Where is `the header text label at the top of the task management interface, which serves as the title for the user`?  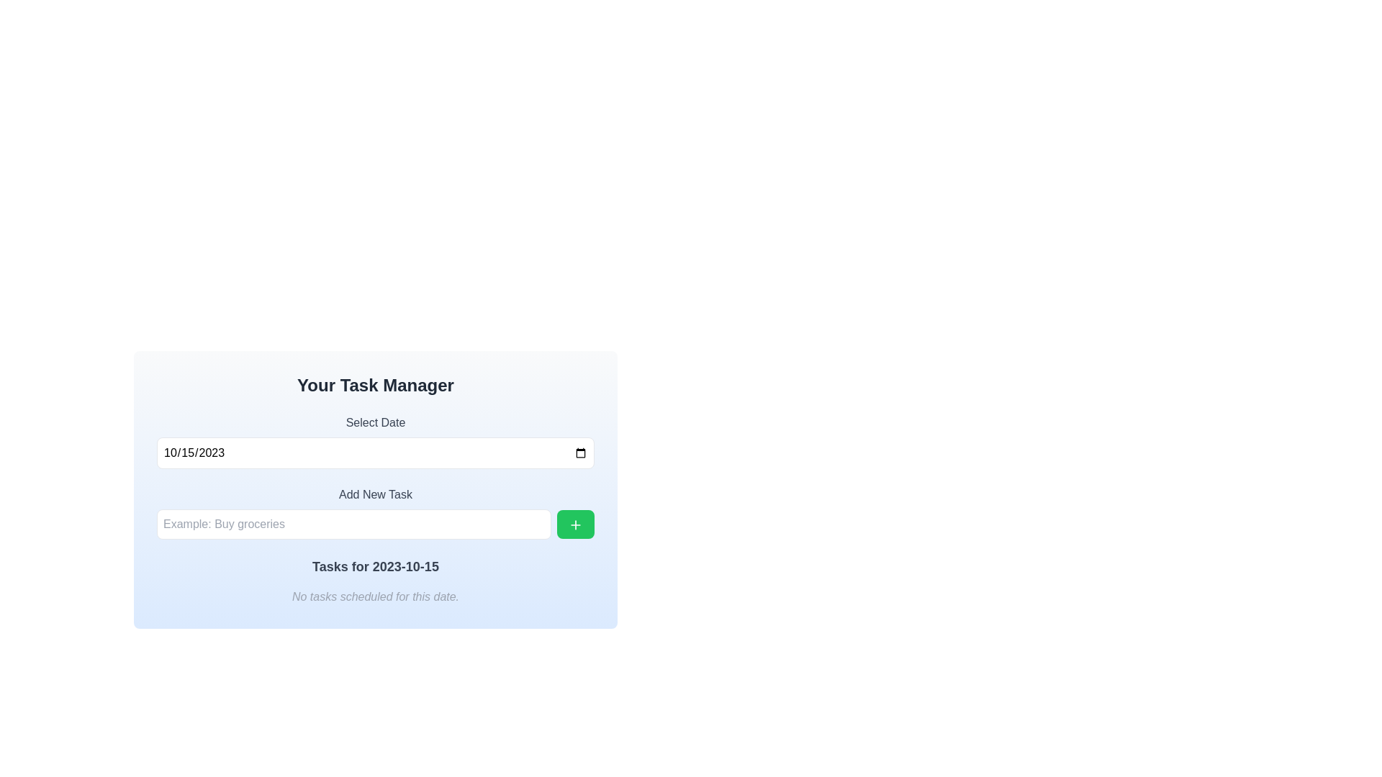
the header text label at the top of the task management interface, which serves as the title for the user is located at coordinates (376, 385).